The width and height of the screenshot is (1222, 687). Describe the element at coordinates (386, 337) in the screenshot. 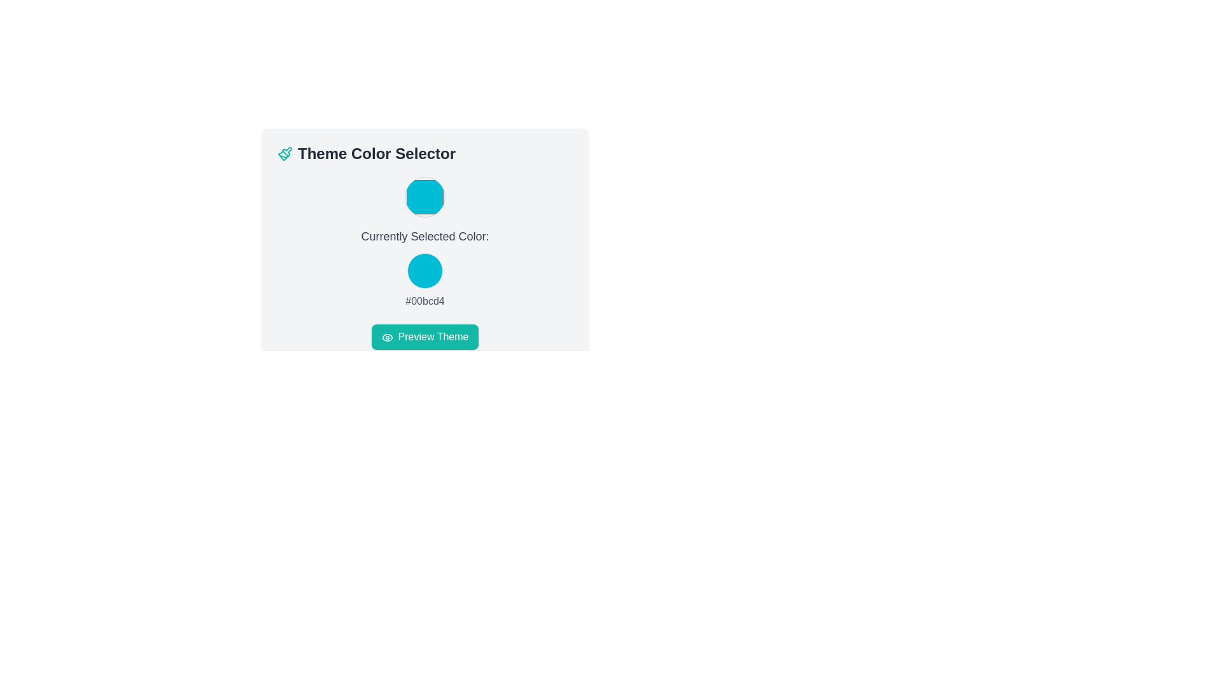

I see `the eye icon located on the left-hand side of the 'Preview Theme' button, which visually suggests a preview action` at that location.